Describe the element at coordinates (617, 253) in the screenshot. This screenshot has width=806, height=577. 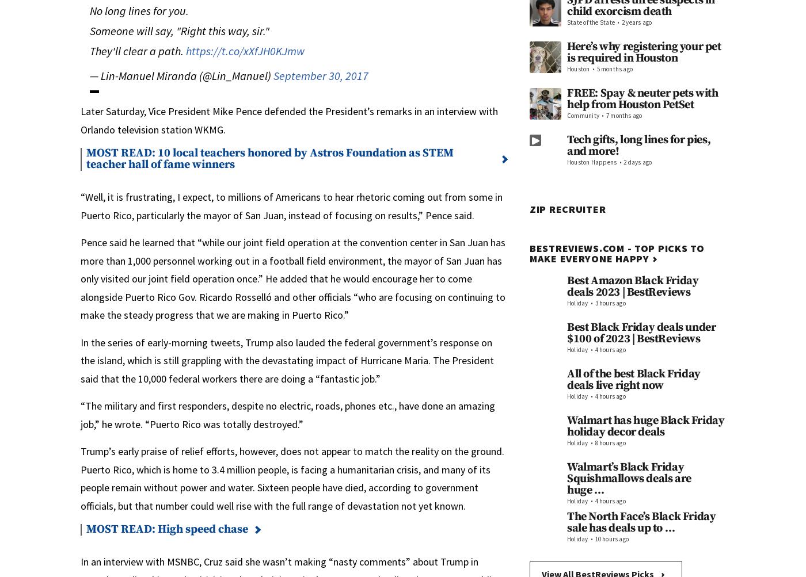
I see `'BestReviews.com - Top picks to make everyone happy'` at that location.